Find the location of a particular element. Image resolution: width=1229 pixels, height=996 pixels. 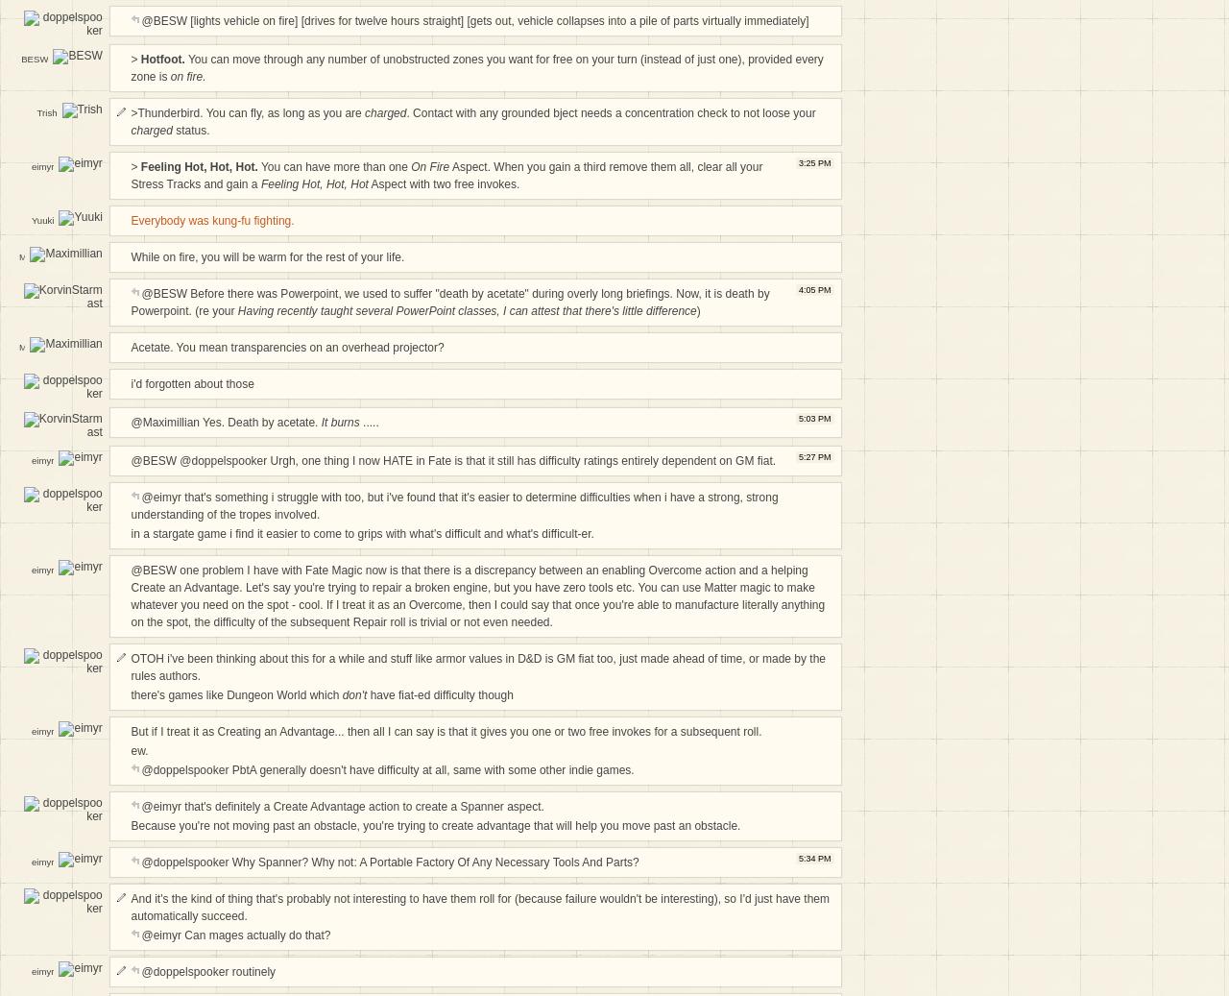

'Feeling Hot, Hot, Hot' is located at coordinates (314, 182).